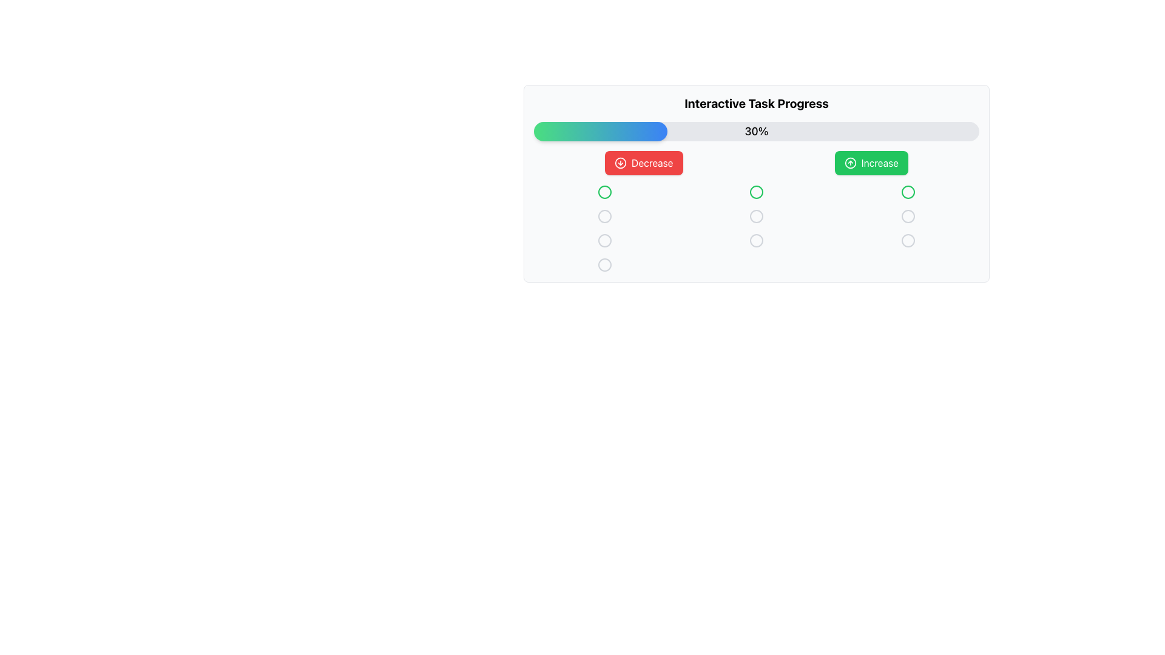  I want to click on the state of the first circular graphical indicator with a green border and white fill located at the center of the first row in the 3x4 grid layout, so click(605, 191).